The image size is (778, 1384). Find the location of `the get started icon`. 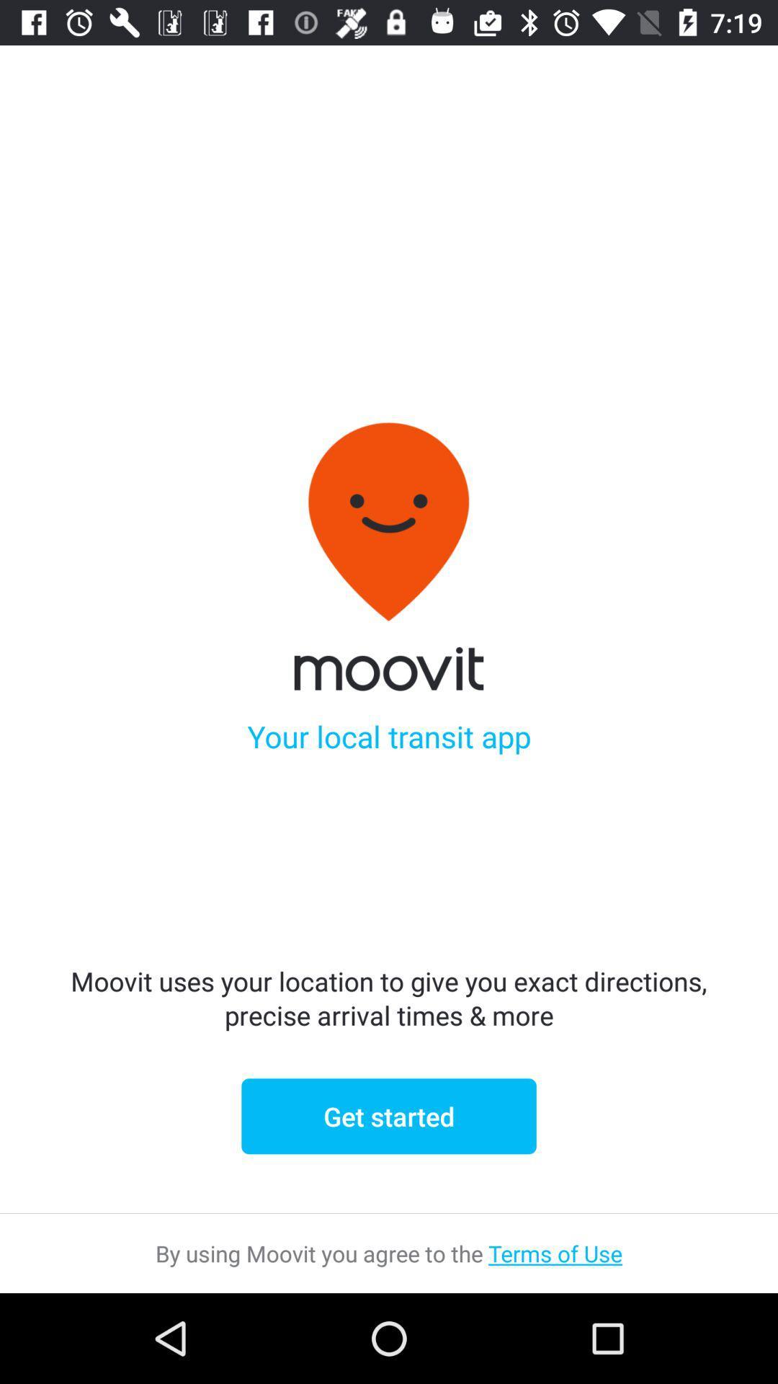

the get started icon is located at coordinates (389, 1115).